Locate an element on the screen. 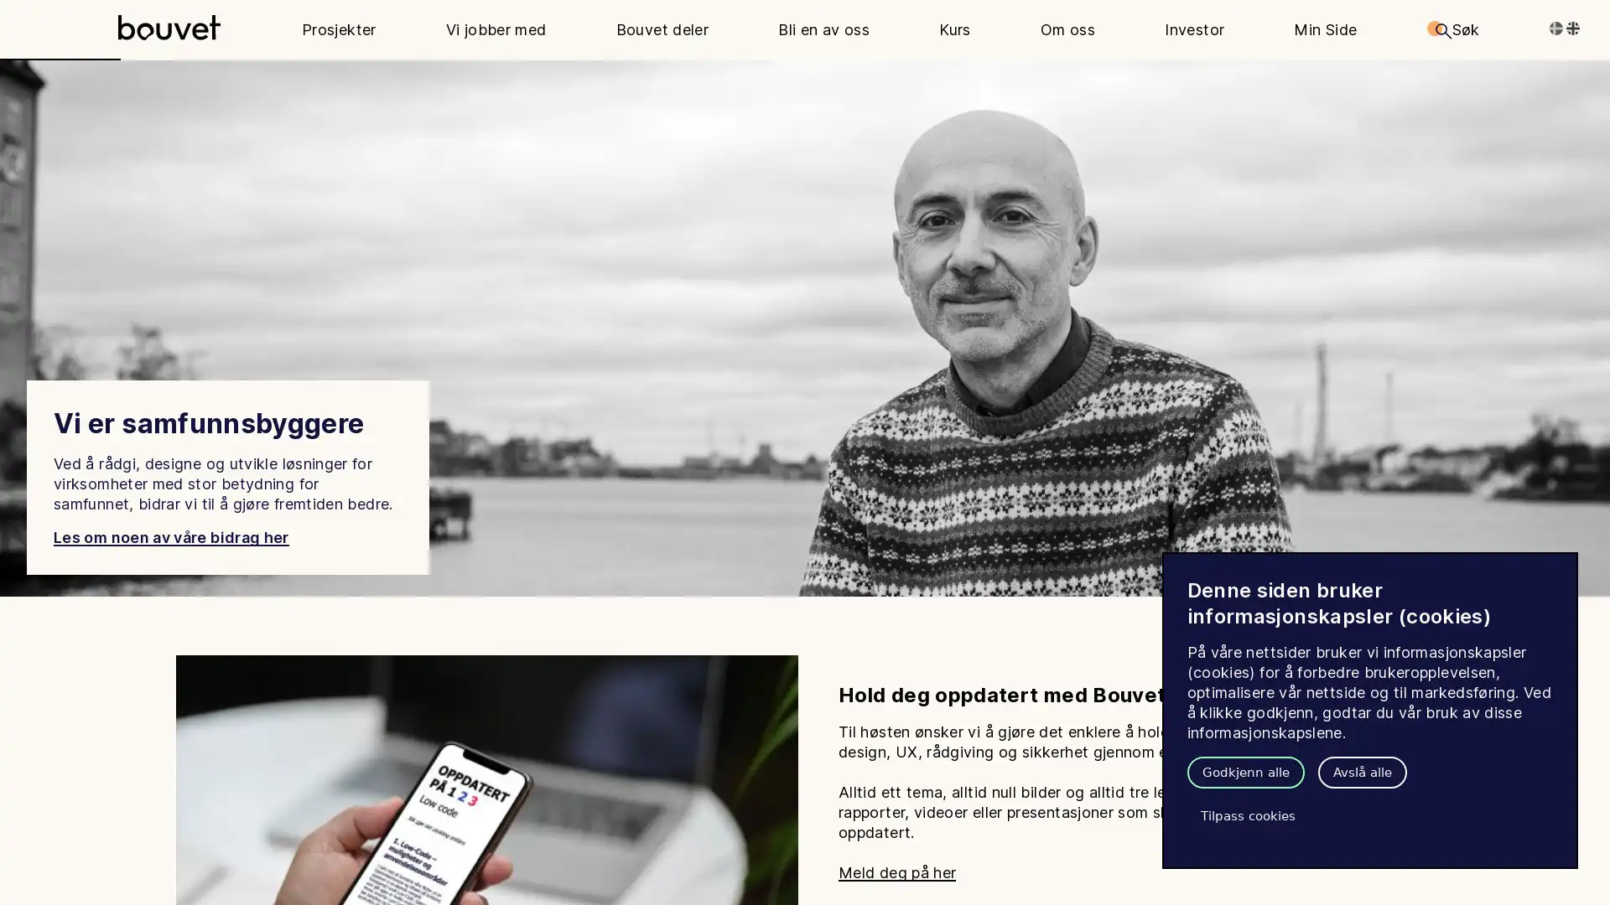 The height and width of the screenshot is (905, 1610). Godkjenn alle is located at coordinates (1244, 772).